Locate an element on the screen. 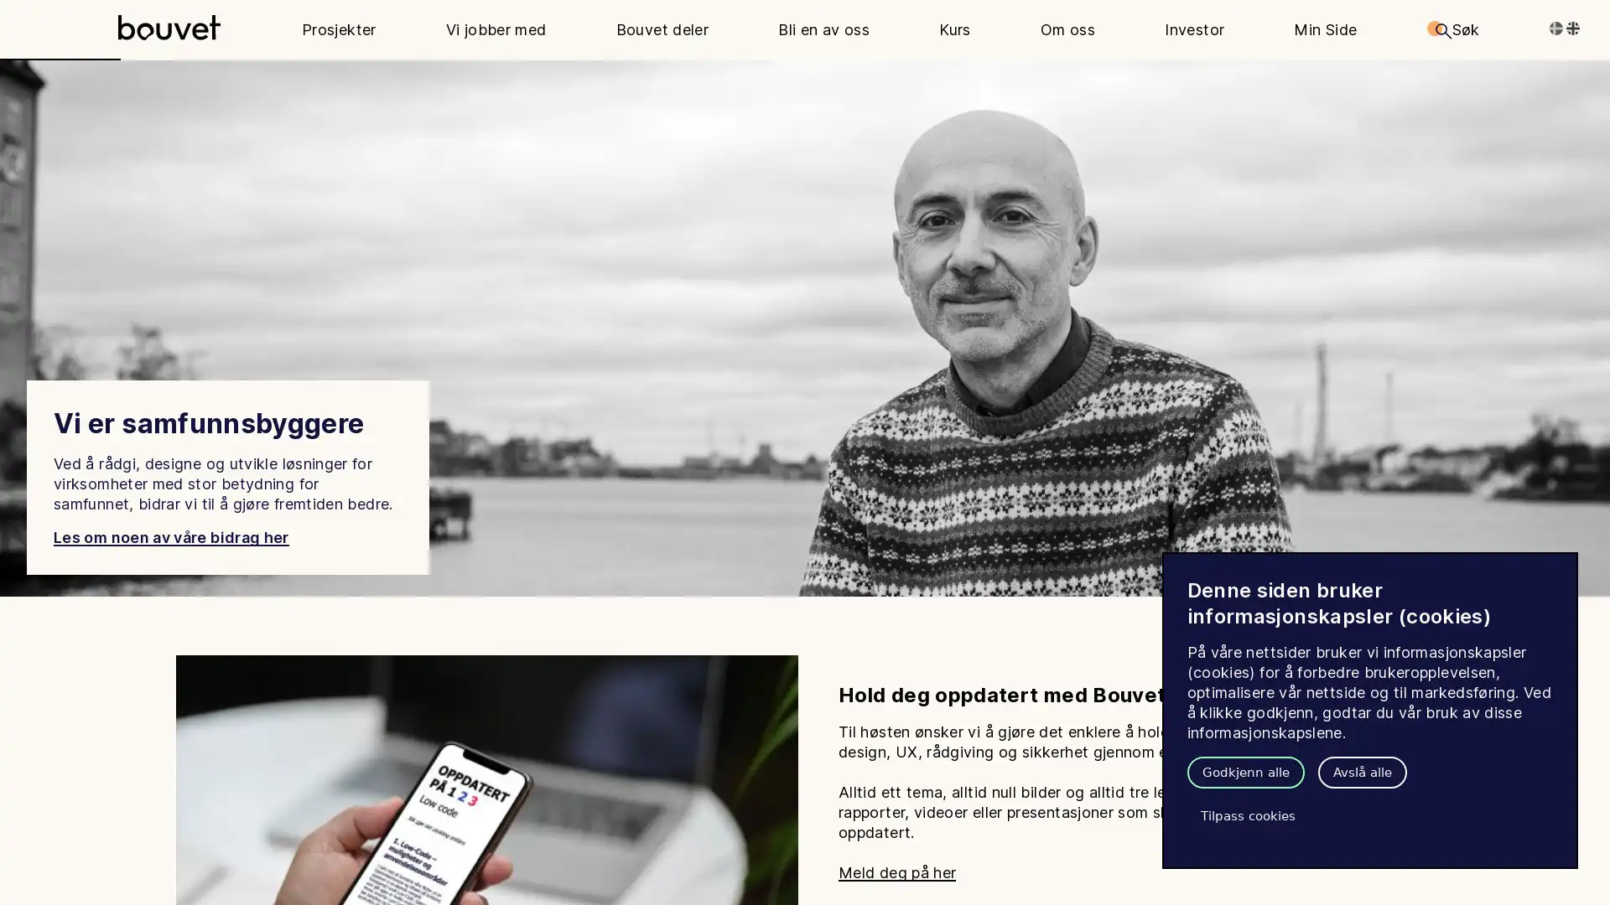 The height and width of the screenshot is (905, 1610). Godkjenn alle is located at coordinates (1244, 772).